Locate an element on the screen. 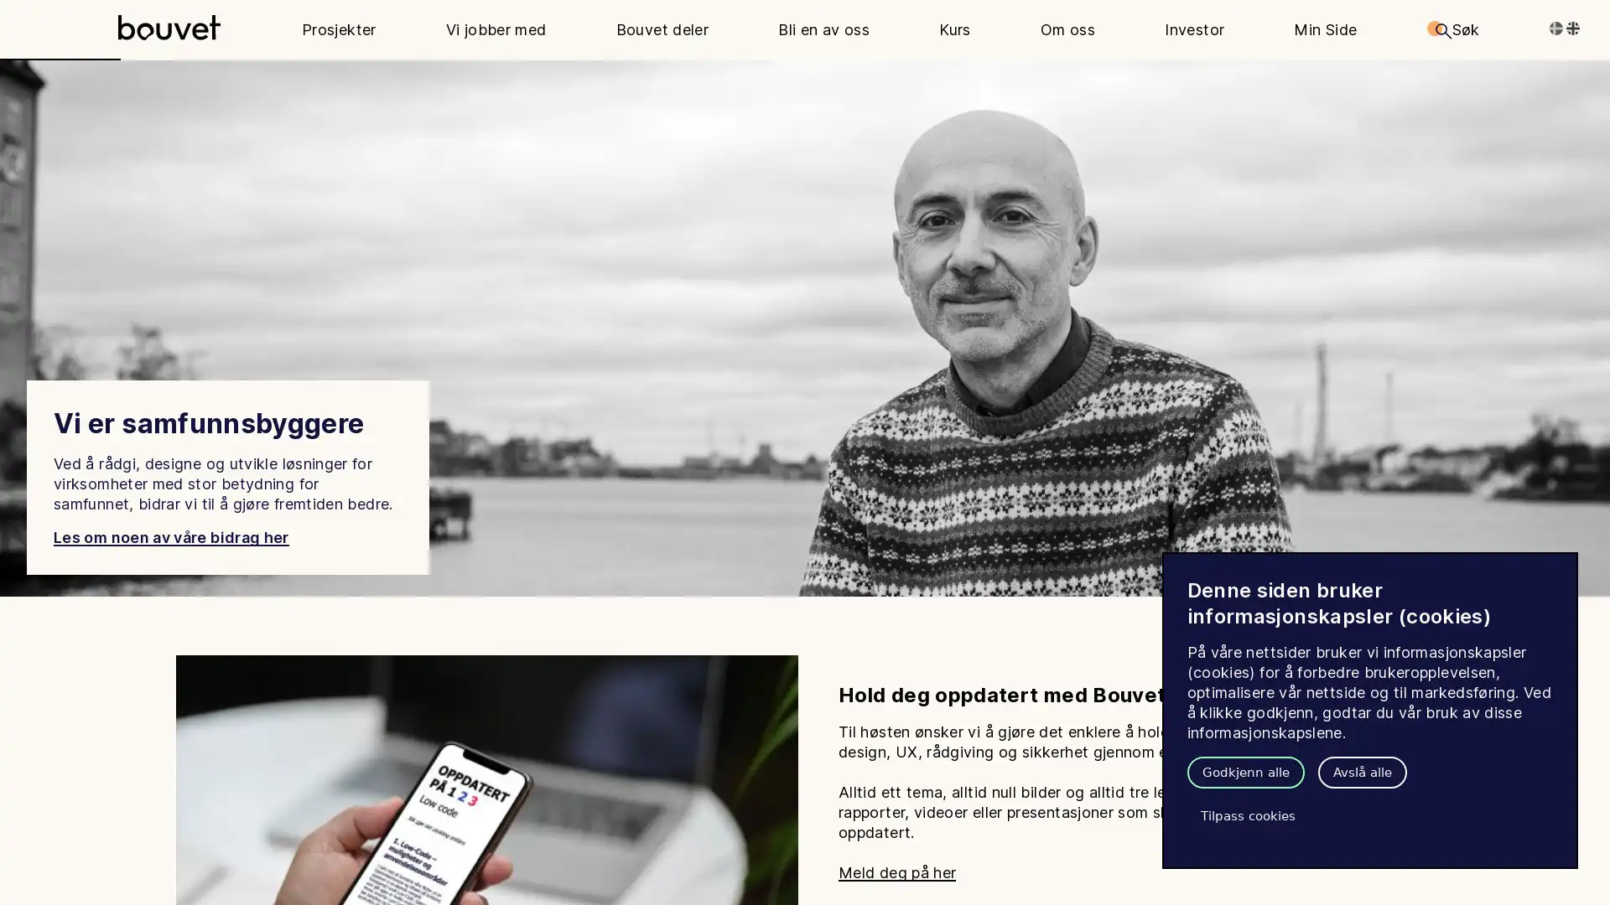 The height and width of the screenshot is (905, 1610). Godkjenn alle is located at coordinates (1244, 772).